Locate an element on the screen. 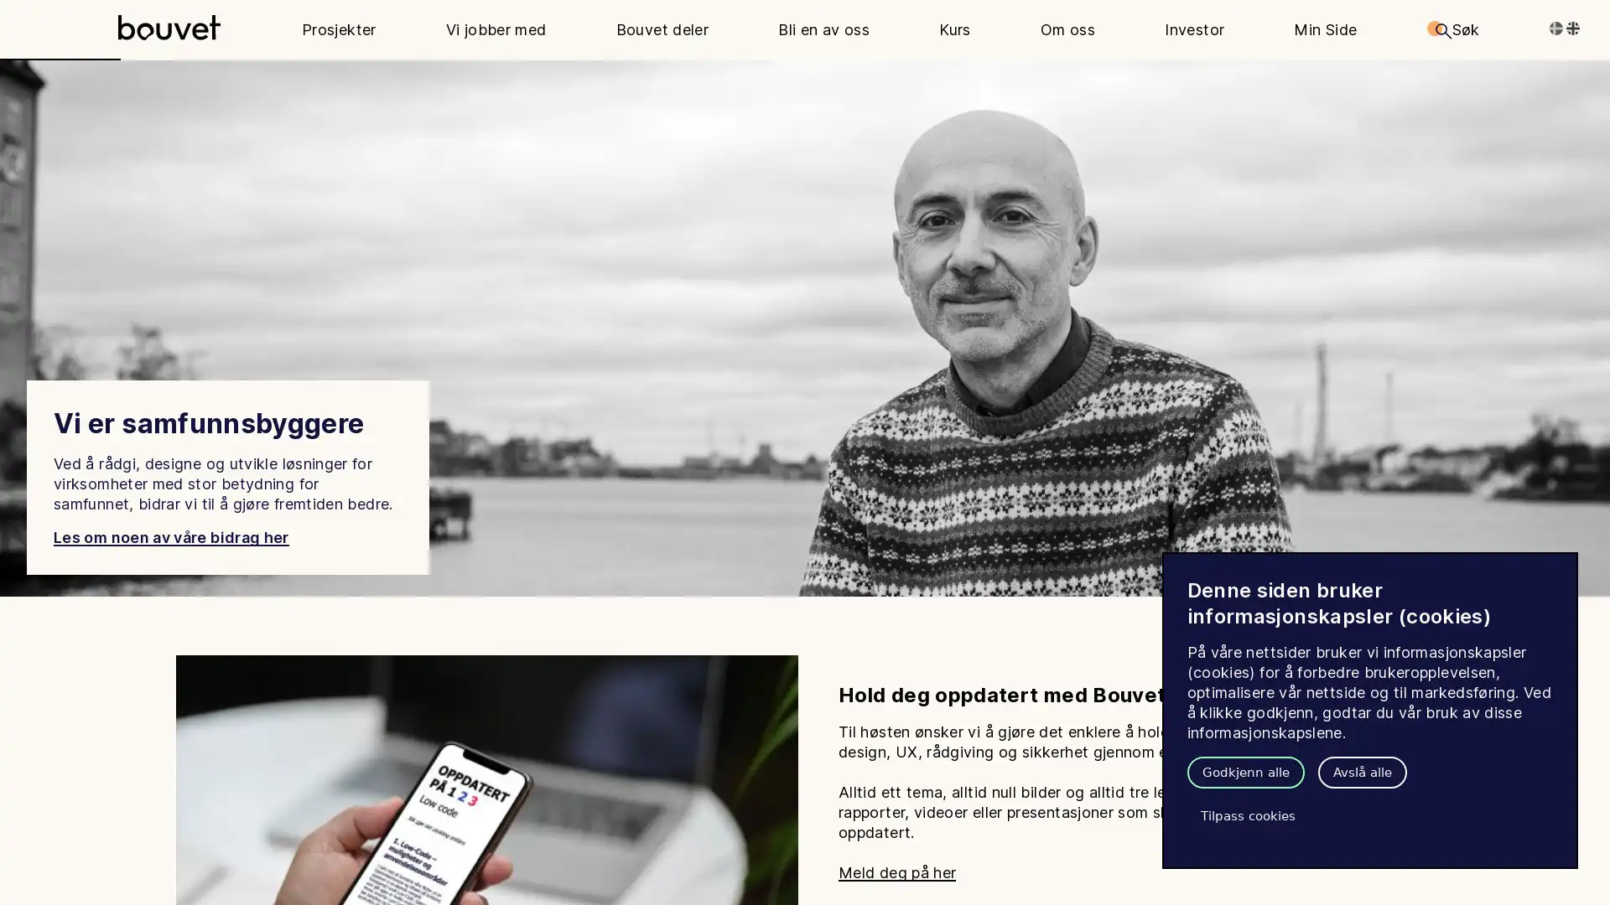 The height and width of the screenshot is (905, 1610). Godkjenn alle is located at coordinates (1244, 772).